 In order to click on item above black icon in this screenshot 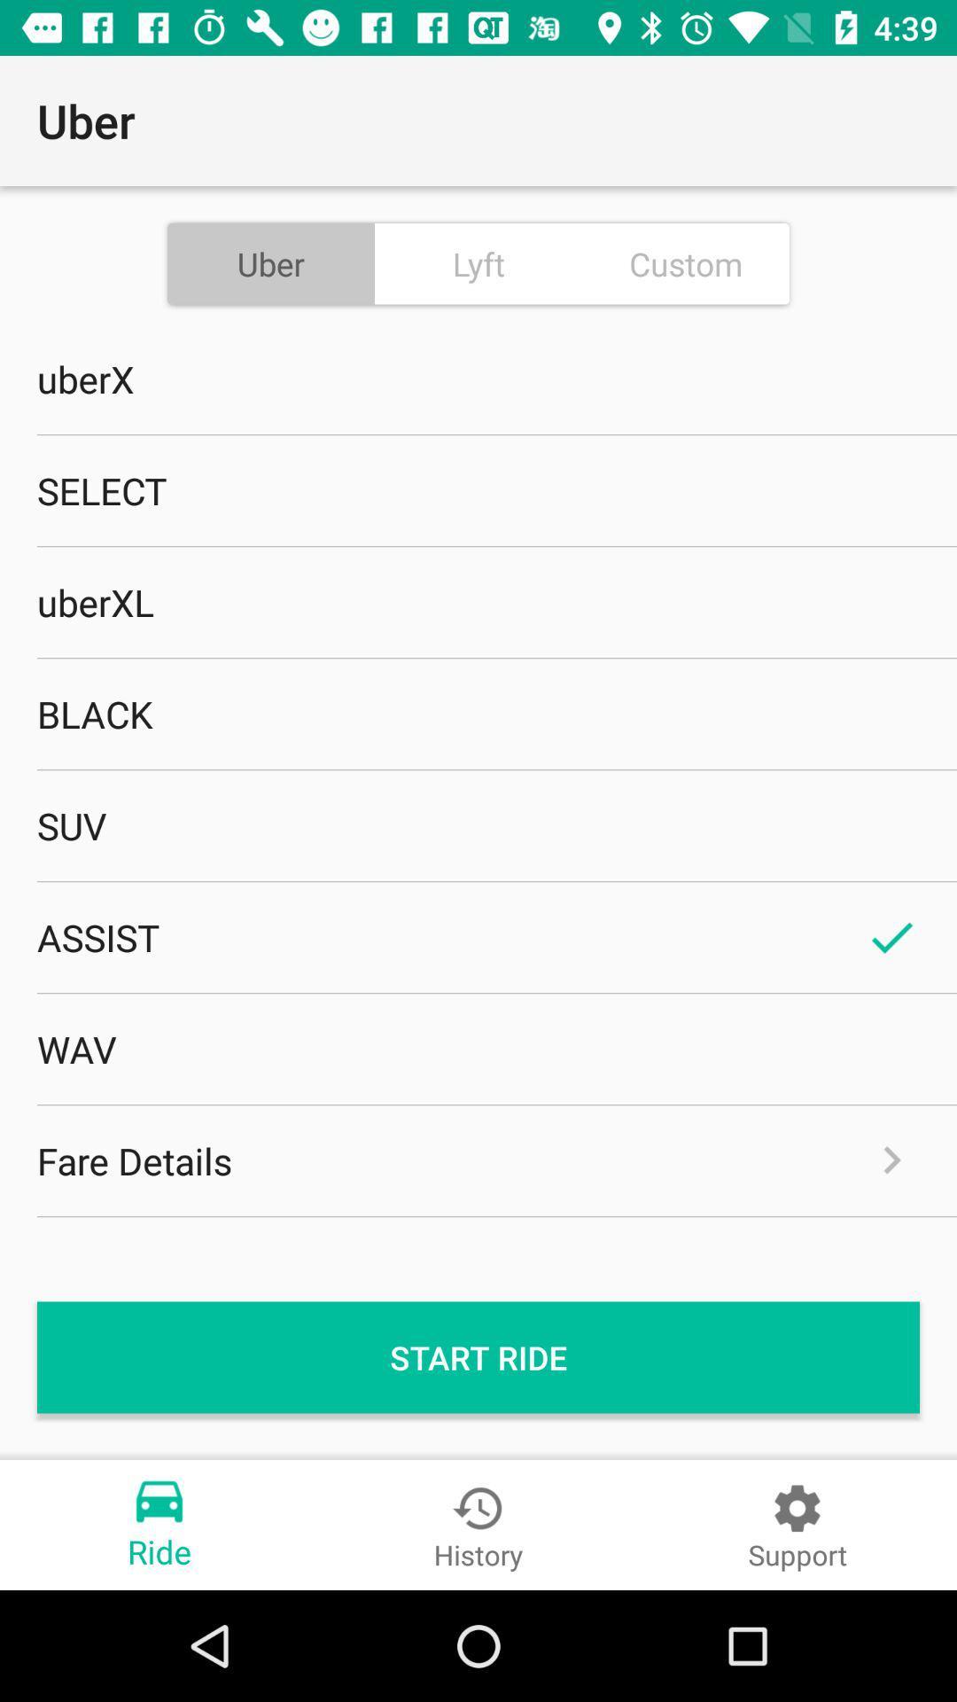, I will do `click(478, 602)`.